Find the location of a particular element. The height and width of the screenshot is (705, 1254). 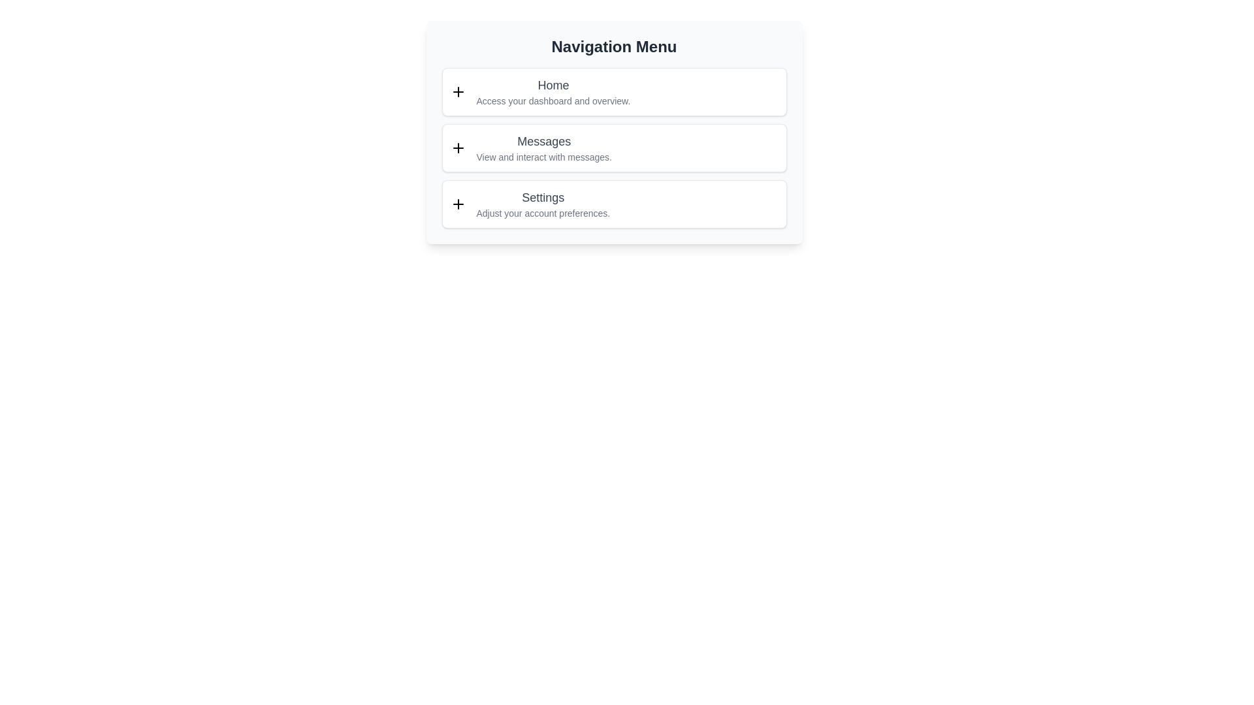

the plus icon located at the middle-left of the 'Home' card is located at coordinates (458, 91).